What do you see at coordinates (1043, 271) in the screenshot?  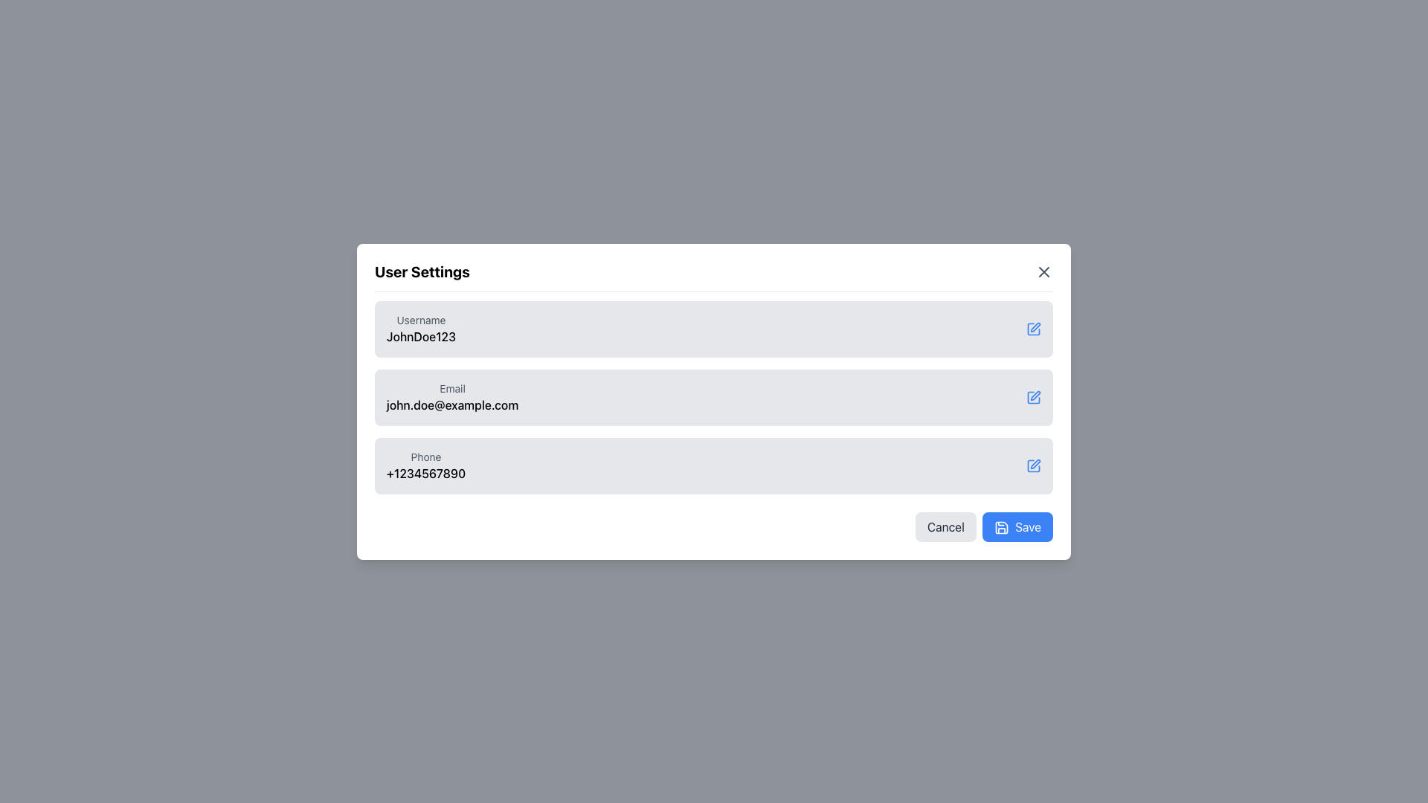 I see `the close button located in the top-right corner of the 'User Settings' modal window` at bounding box center [1043, 271].